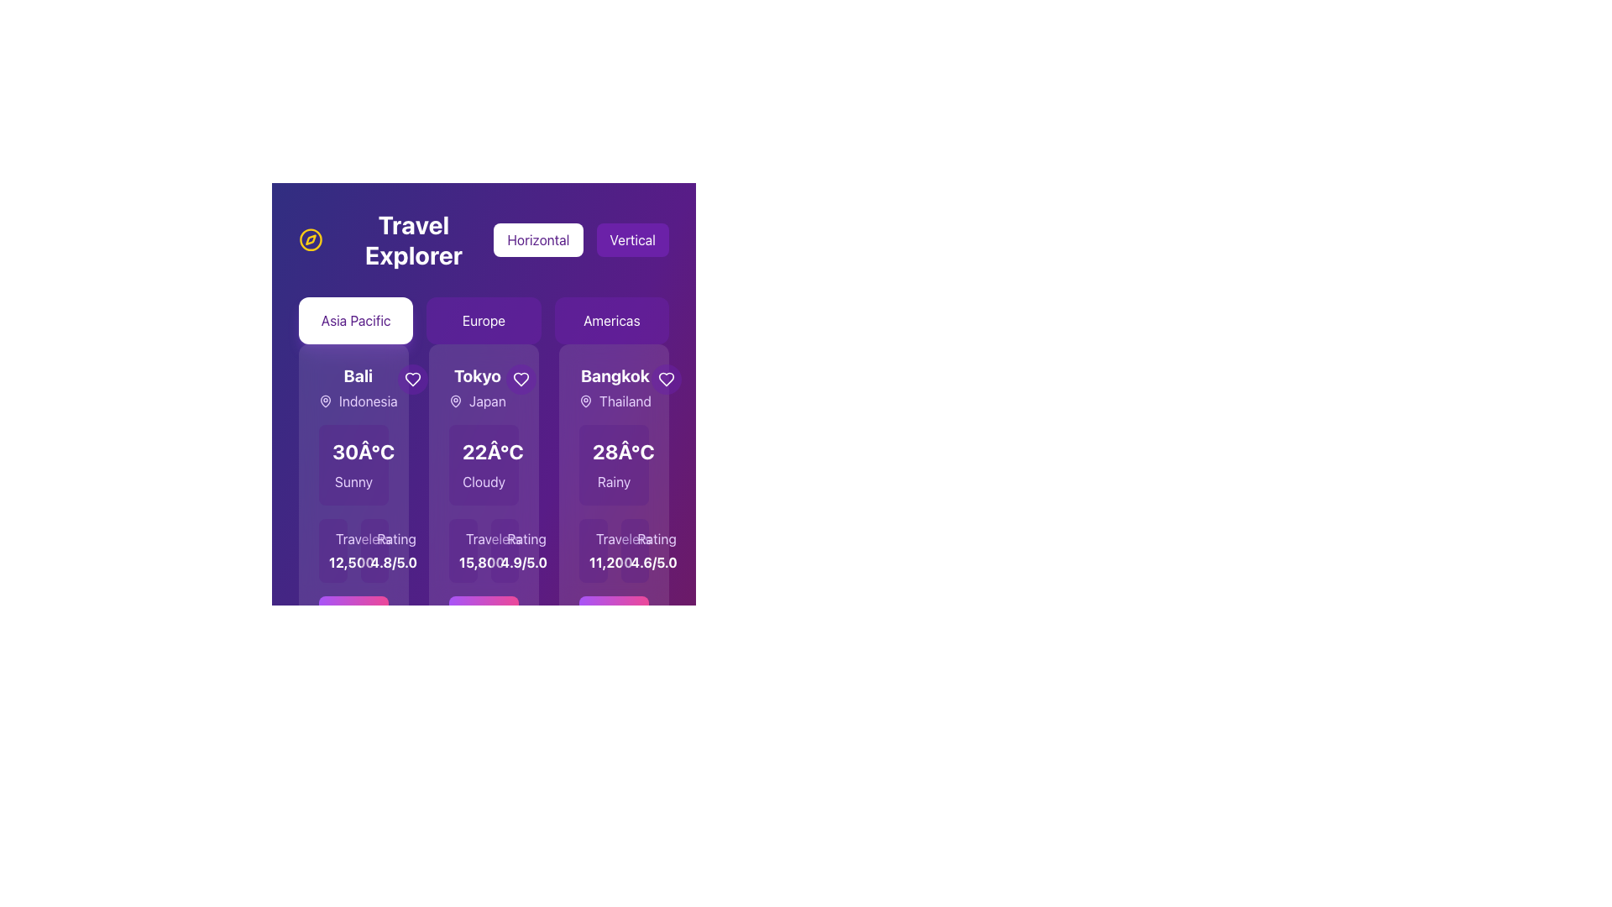 Image resolution: width=1612 pixels, height=907 pixels. Describe the element at coordinates (357, 401) in the screenshot. I see `the 'Indonesia' label with a map pin icon located in the Bali card` at that location.